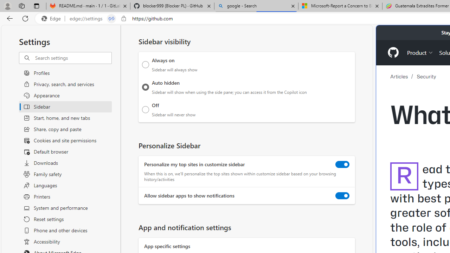 This screenshot has height=253, width=450. Describe the element at coordinates (426, 76) in the screenshot. I see `'Security'` at that location.